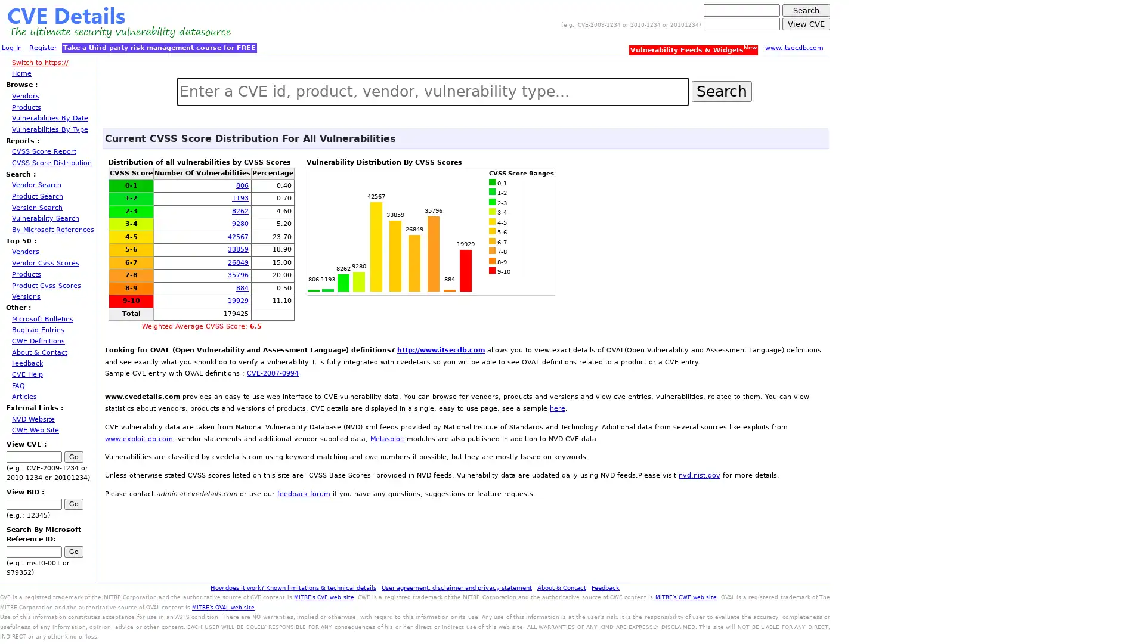 The width and height of the screenshot is (1145, 644). What do you see at coordinates (720, 90) in the screenshot?
I see `Search` at bounding box center [720, 90].